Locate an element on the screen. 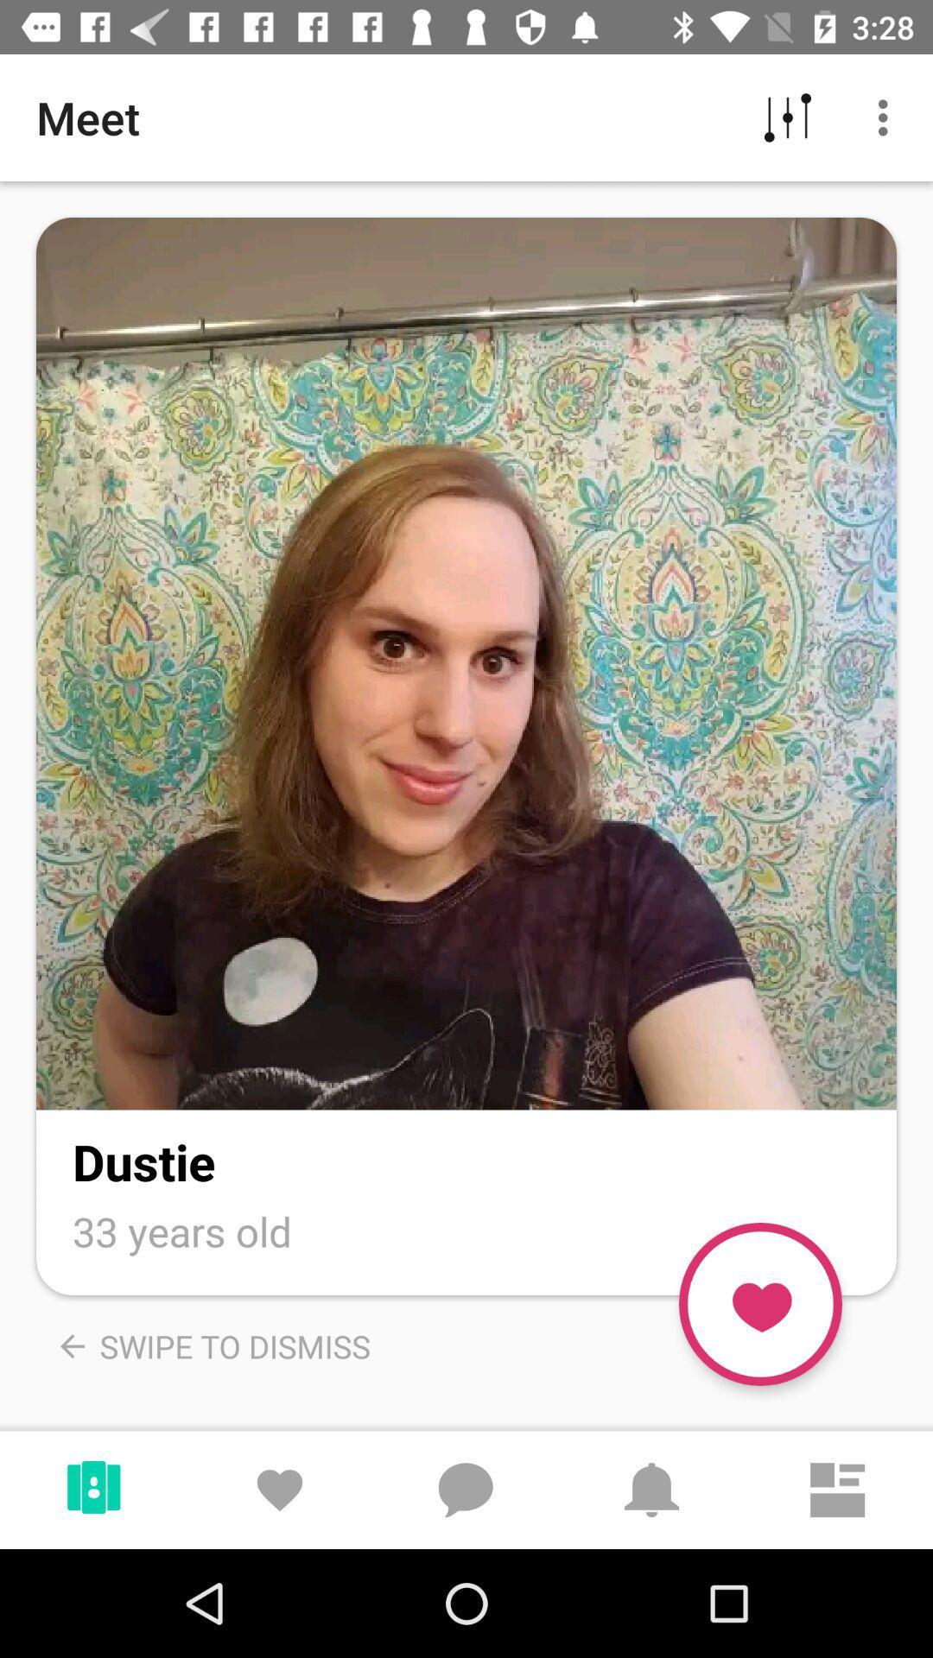 Image resolution: width=933 pixels, height=1658 pixels. photo is located at coordinates (466, 662).